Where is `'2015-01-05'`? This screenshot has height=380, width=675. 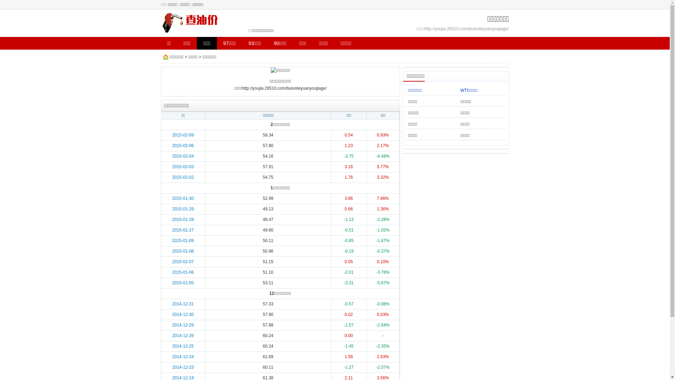
'2015-01-05' is located at coordinates (183, 282).